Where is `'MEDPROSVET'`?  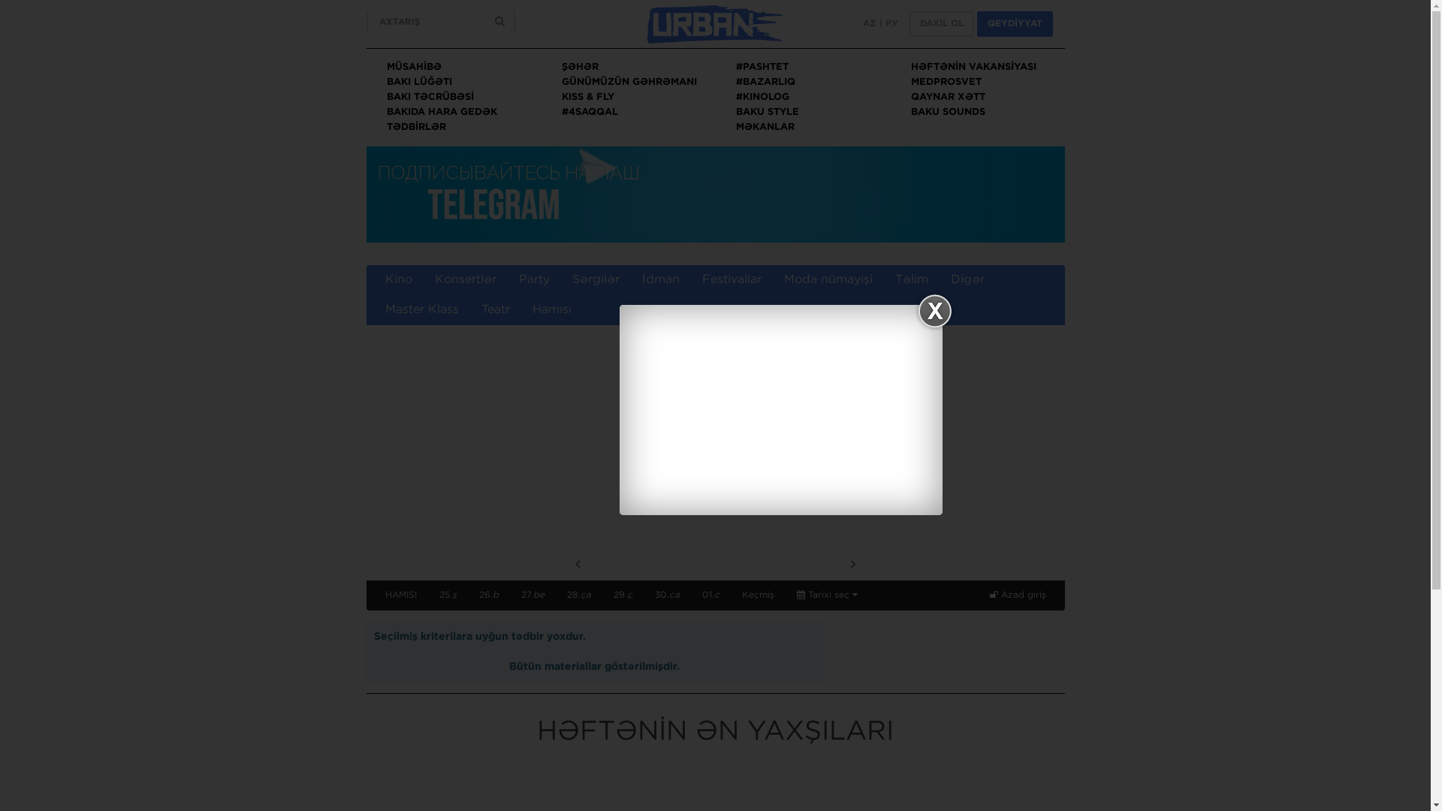
'MEDPROSVET' is located at coordinates (945, 82).